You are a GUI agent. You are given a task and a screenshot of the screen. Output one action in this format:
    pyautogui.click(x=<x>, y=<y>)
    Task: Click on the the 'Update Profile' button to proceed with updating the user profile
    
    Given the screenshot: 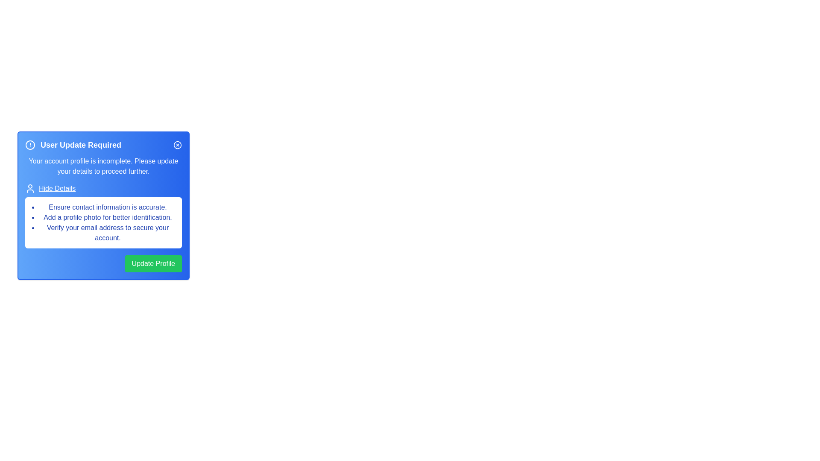 What is the action you would take?
    pyautogui.click(x=153, y=263)
    